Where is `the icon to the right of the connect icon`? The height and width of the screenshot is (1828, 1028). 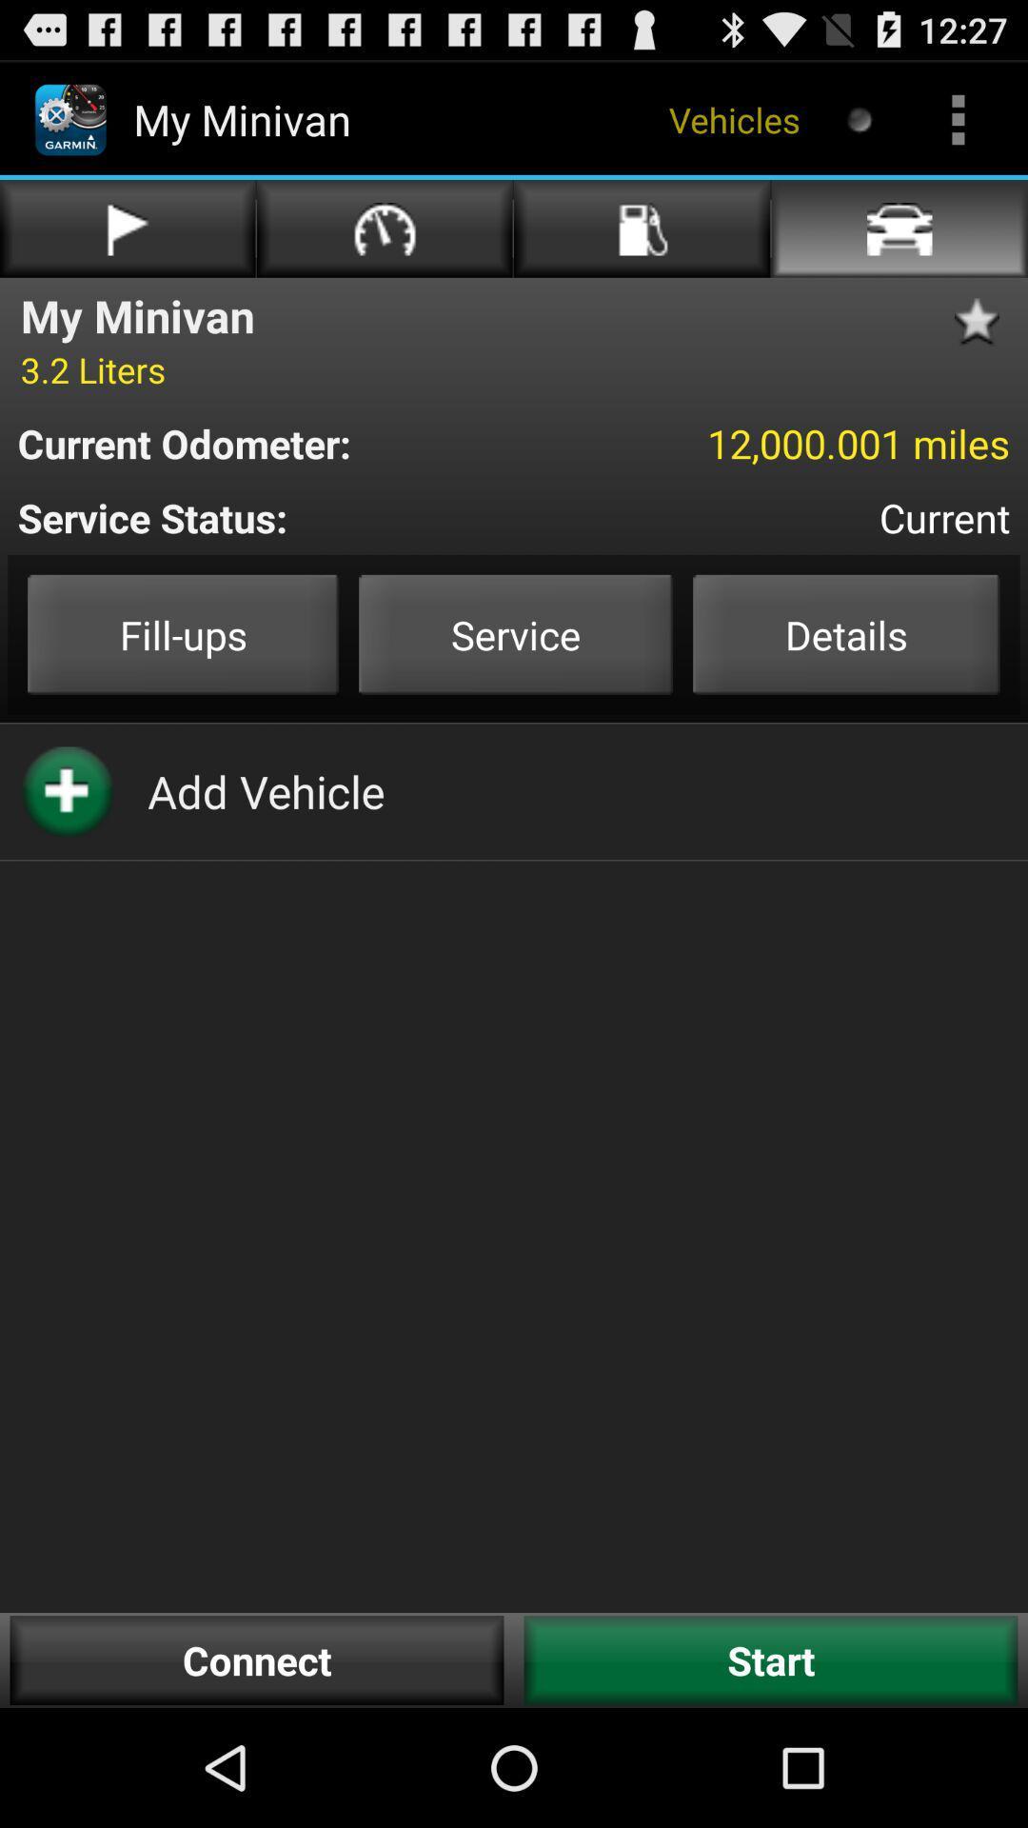
the icon to the right of the connect icon is located at coordinates (771, 1659).